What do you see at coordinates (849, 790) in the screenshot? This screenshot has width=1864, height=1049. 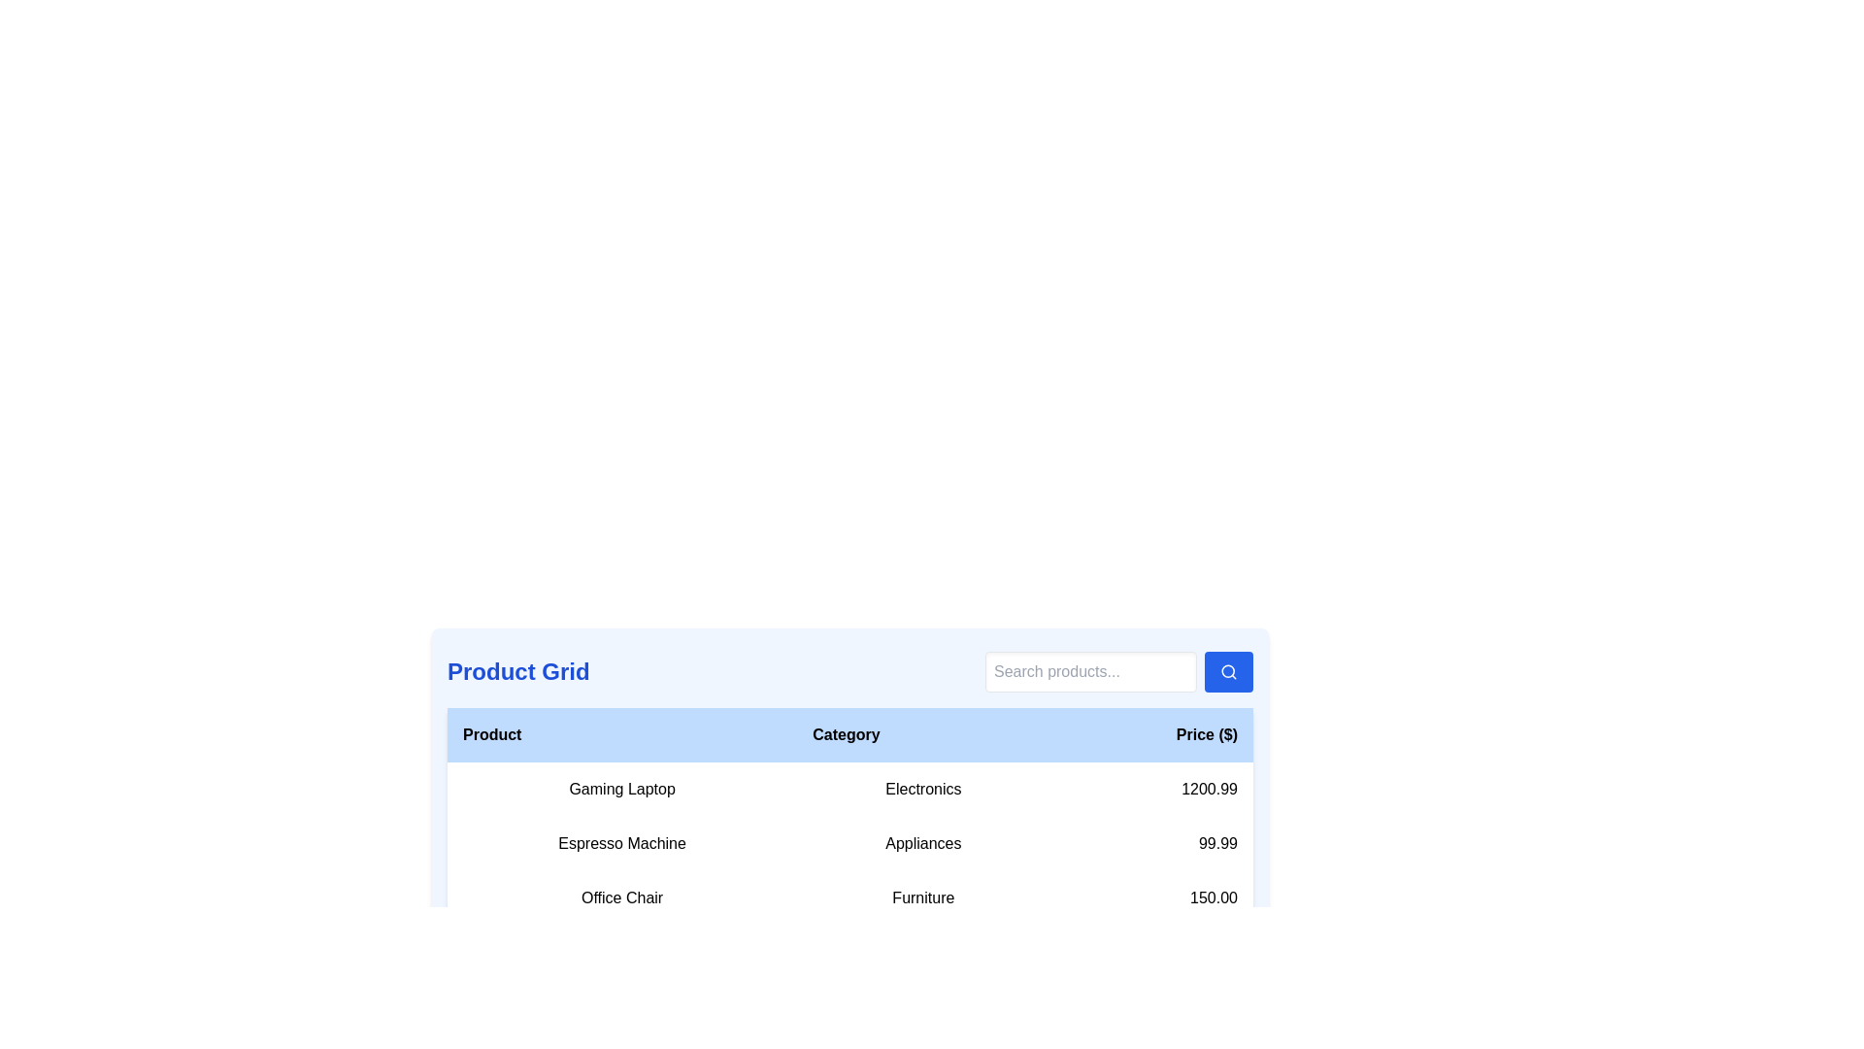 I see `the first row of the data table` at bounding box center [849, 790].